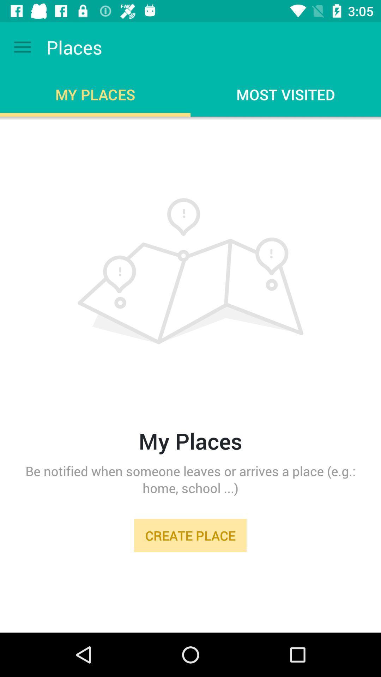 This screenshot has width=381, height=677. Describe the element at coordinates (190, 535) in the screenshot. I see `the create place` at that location.